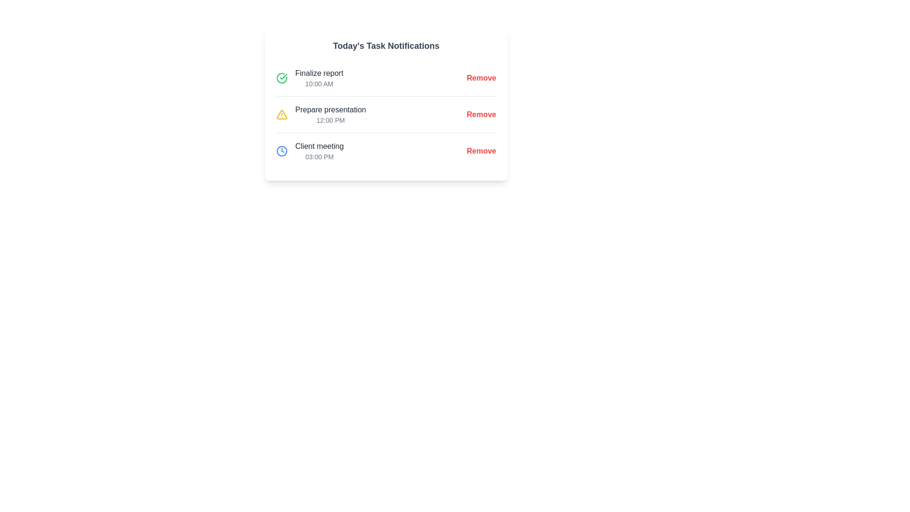  I want to click on the second item in the task notification list, which has an alert icon, so click(321, 114).